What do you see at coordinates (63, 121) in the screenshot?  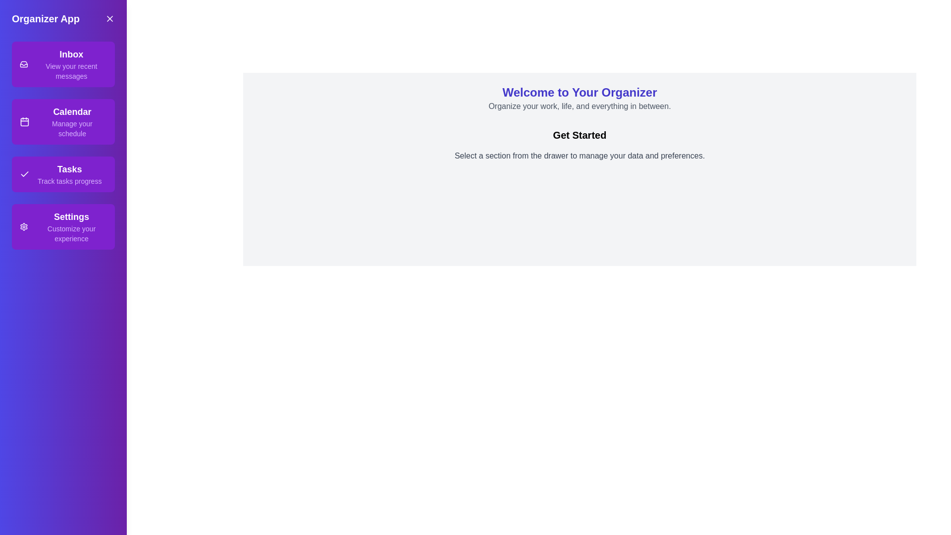 I see `the section Calendar from the drawer` at bounding box center [63, 121].